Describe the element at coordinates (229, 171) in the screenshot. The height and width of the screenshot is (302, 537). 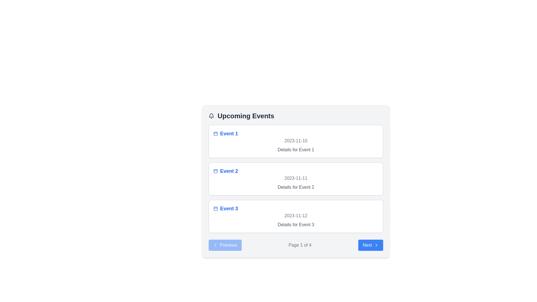
I see `text of the Text label displaying 'Event 2', which is styled in bold blue font and located in a vertical list of events, positioned between 'Event 1' and 'Event 3'` at that location.